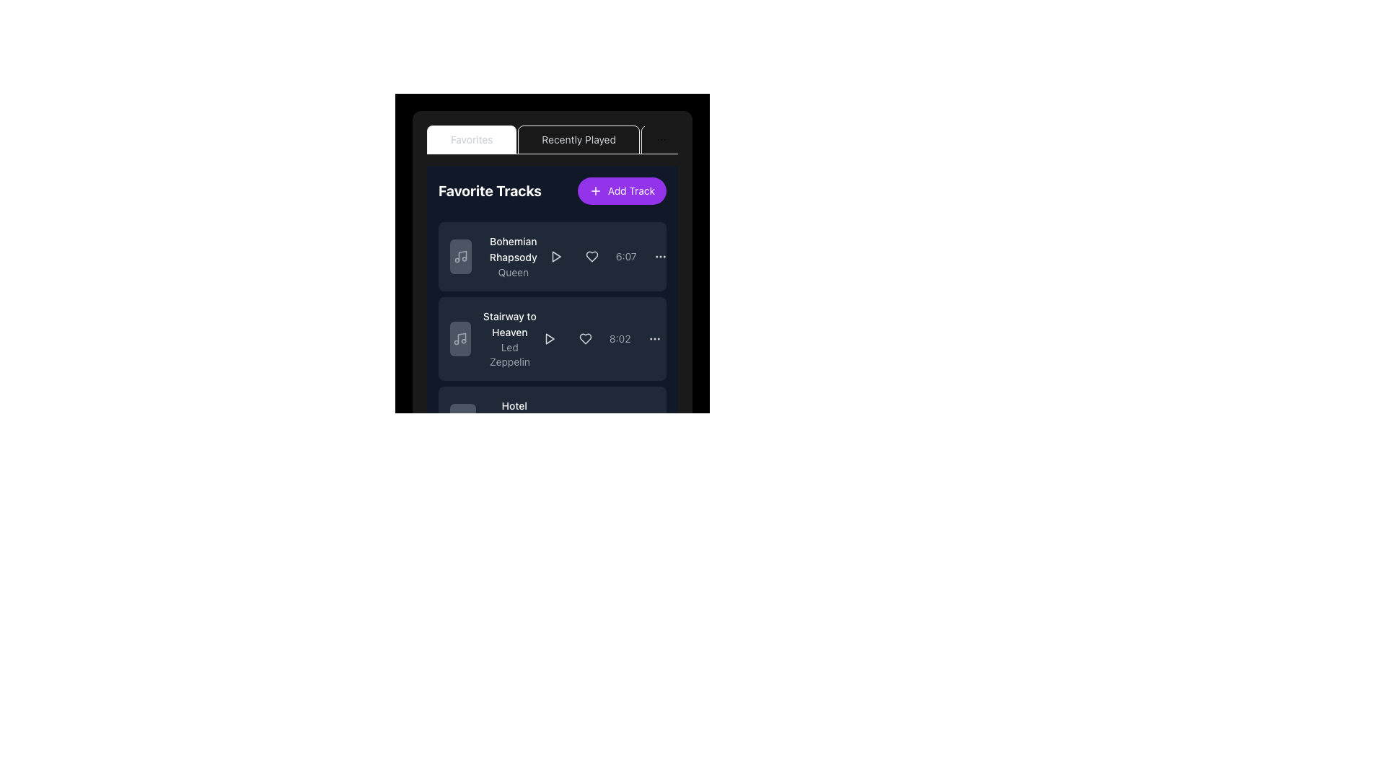 The height and width of the screenshot is (779, 1385). What do you see at coordinates (462, 255) in the screenshot?
I see `the vertical line portion of the music note icon, which is outlined in light gray and positioned centrally within the card layout near the top left corner of the interface` at bounding box center [462, 255].